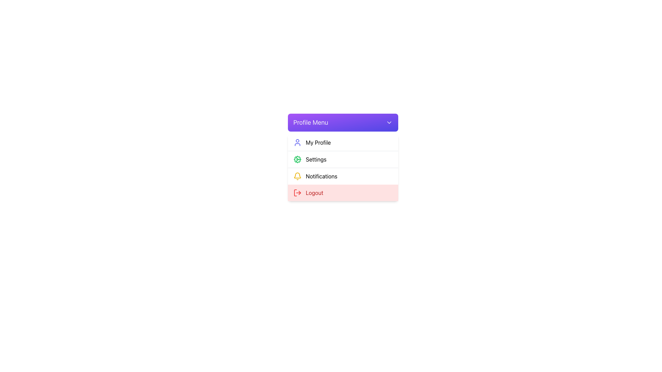 The image size is (662, 372). I want to click on or read the text label that reads 'Logout', which is prominently displayed in bold red color on the far right side of the vertical dropdown menu under the 'Profile Menu', so click(314, 193).